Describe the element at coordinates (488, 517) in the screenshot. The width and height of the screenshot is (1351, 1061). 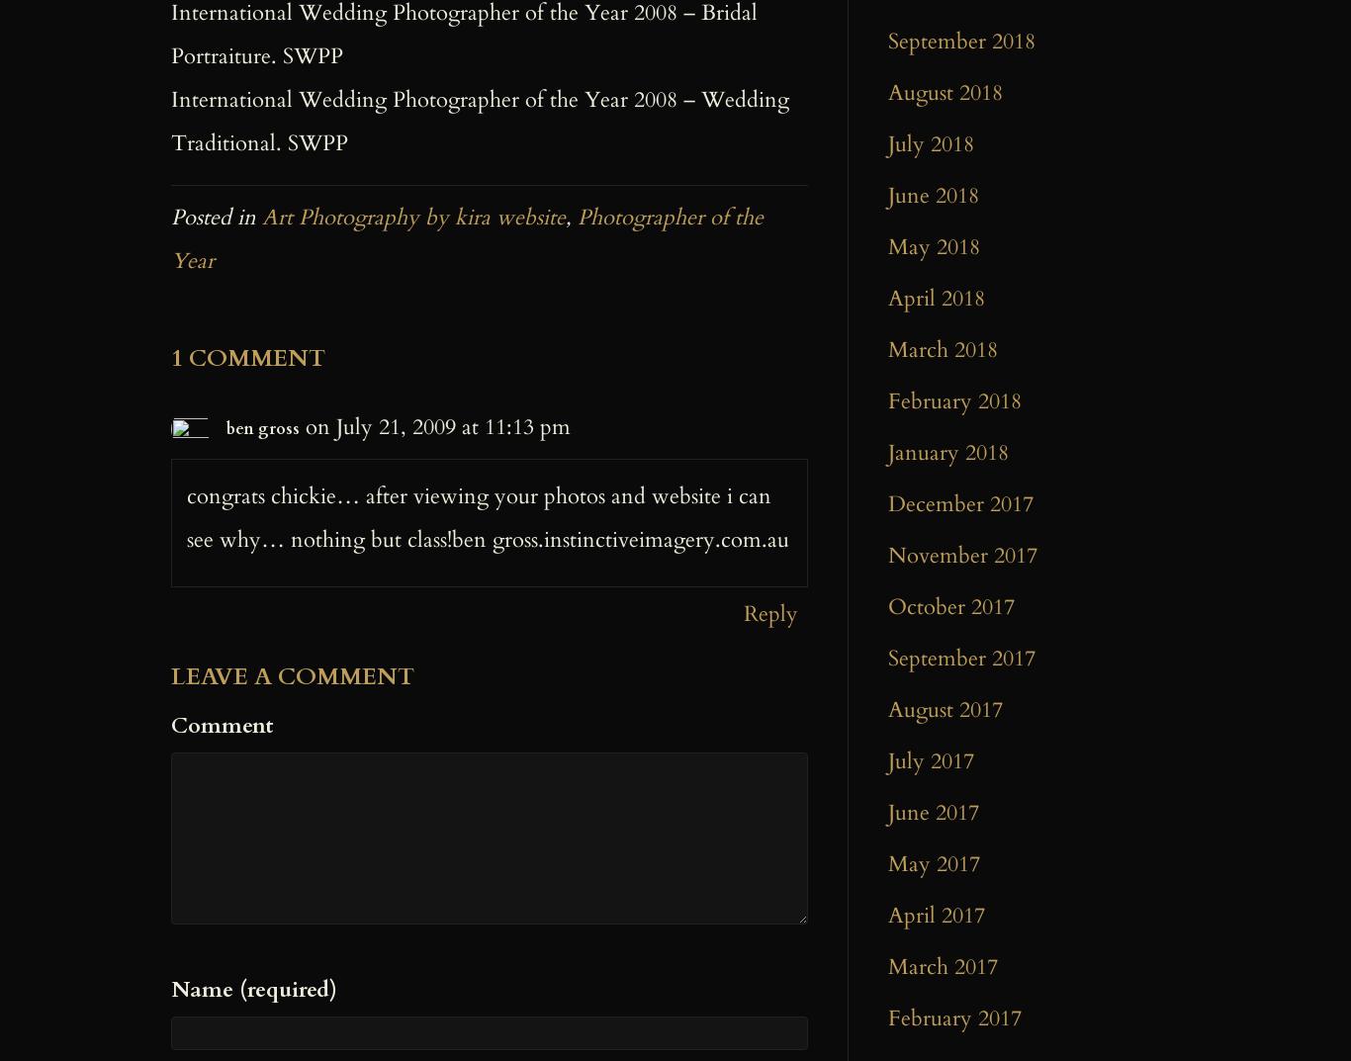
I see `'congrats chickie… after viewing your photos and website i can see why… nothing but class!ben gross.instinctiveimagery.com.au'` at that location.